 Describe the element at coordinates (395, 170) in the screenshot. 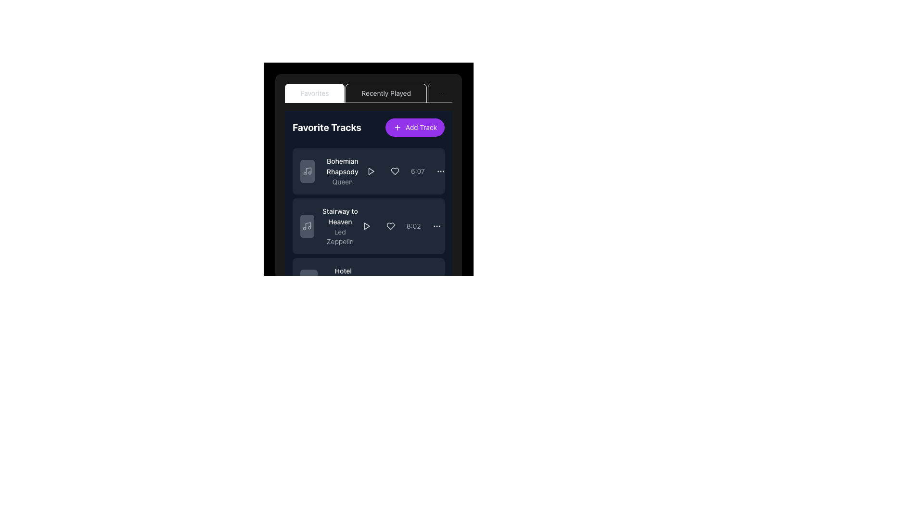

I see `the heart icon located to the right of the track title 'Bohemian Rhapsody'` at that location.